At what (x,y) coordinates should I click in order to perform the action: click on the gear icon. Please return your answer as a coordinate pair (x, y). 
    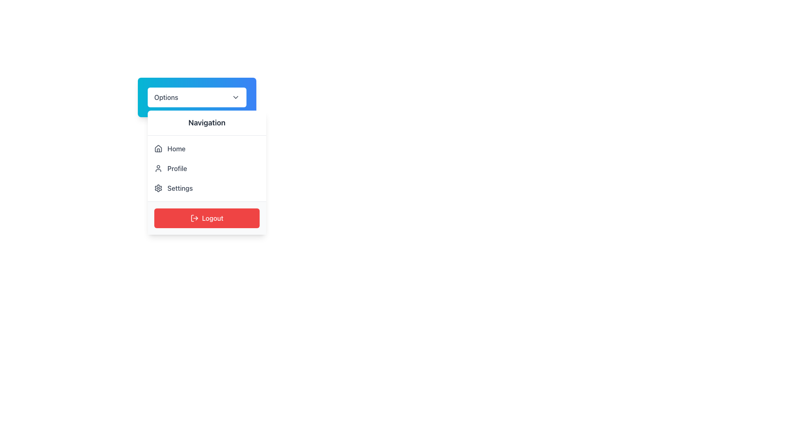
    Looking at the image, I should click on (158, 188).